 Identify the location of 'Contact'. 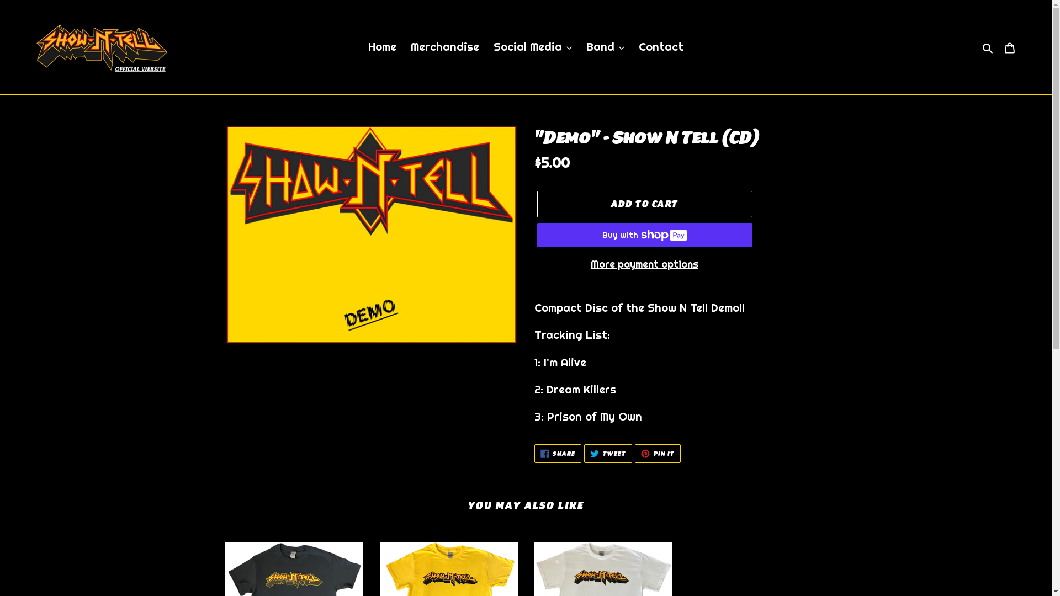
(661, 46).